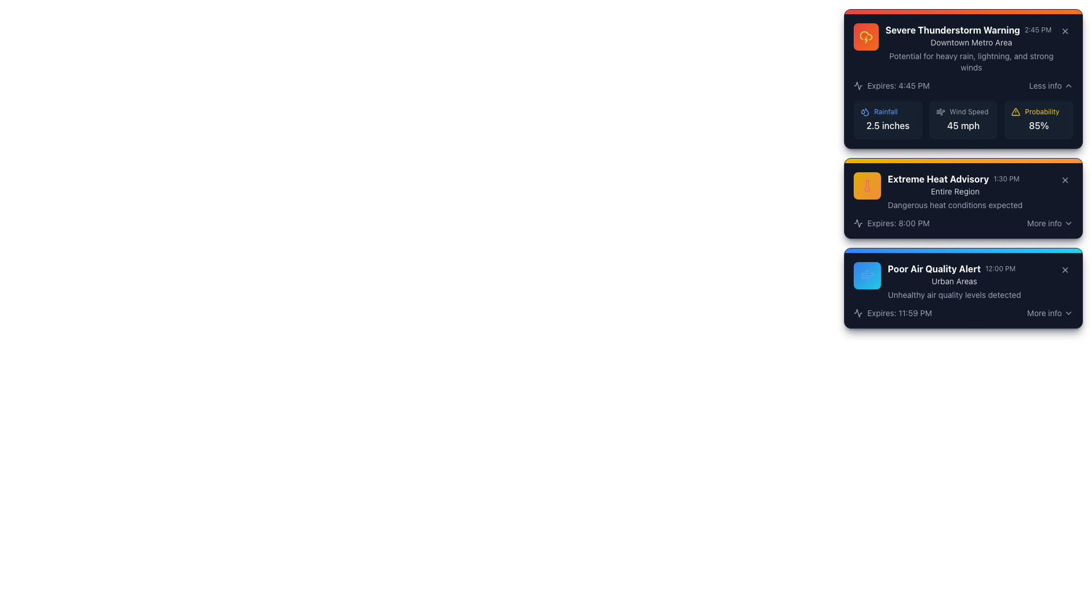 The height and width of the screenshot is (614, 1092). Describe the element at coordinates (858, 313) in the screenshot. I see `the small circular electrocardiogram icon located at the leftmost side of the row containing the text 'Expires: 11:59 PM'` at that location.